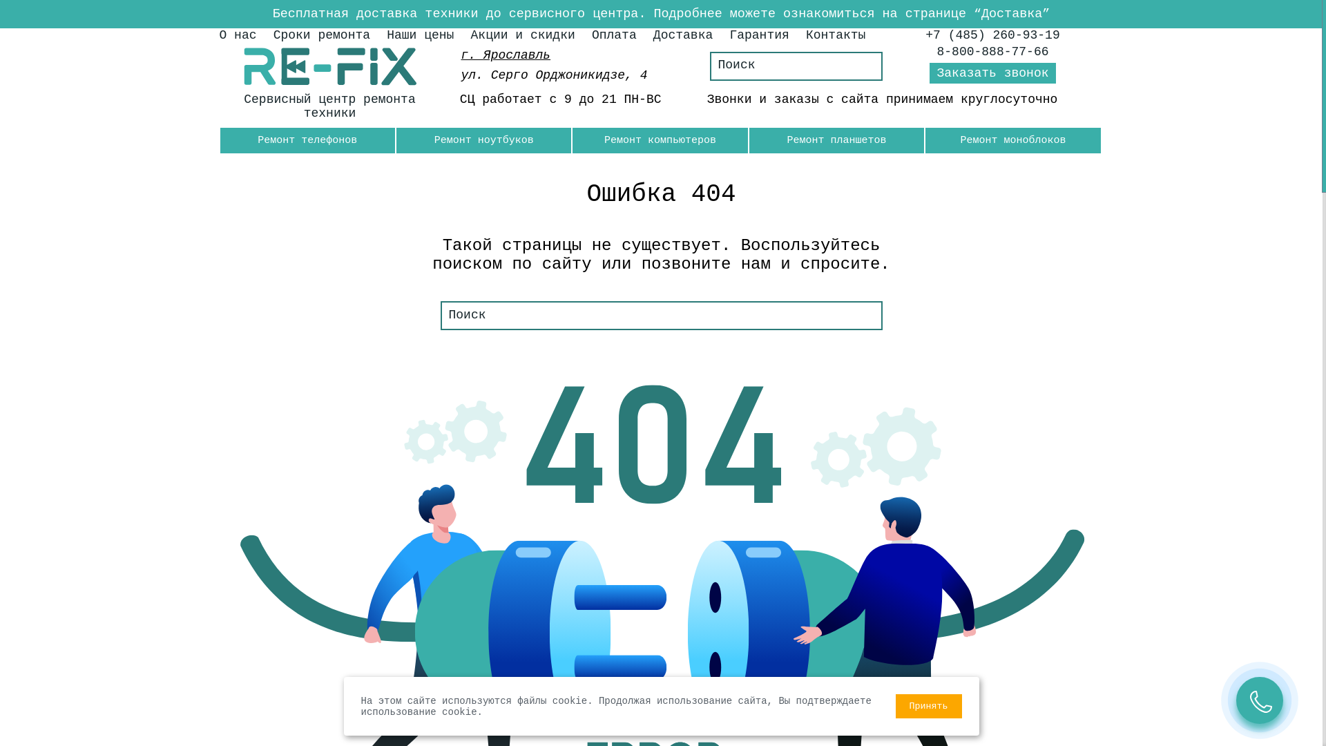  Describe the element at coordinates (991, 34) in the screenshot. I see `'+7 (485) 260-93-19'` at that location.